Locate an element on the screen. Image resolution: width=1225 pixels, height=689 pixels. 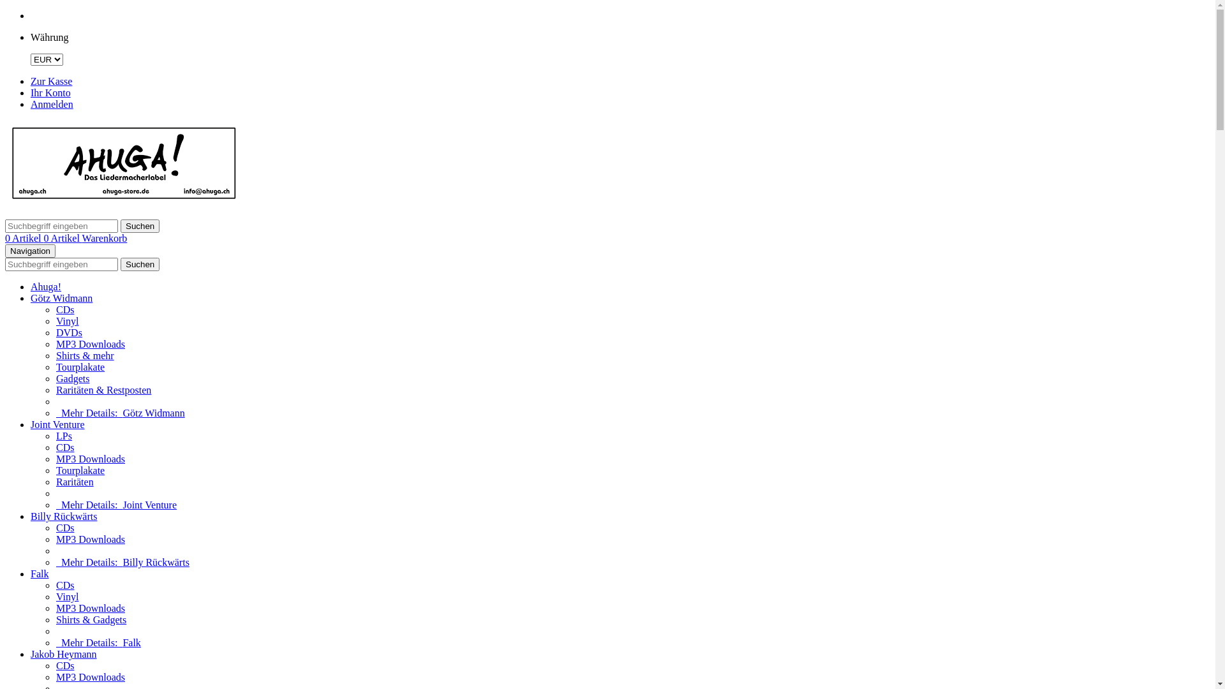
'Joint Venture' is located at coordinates (57, 424).